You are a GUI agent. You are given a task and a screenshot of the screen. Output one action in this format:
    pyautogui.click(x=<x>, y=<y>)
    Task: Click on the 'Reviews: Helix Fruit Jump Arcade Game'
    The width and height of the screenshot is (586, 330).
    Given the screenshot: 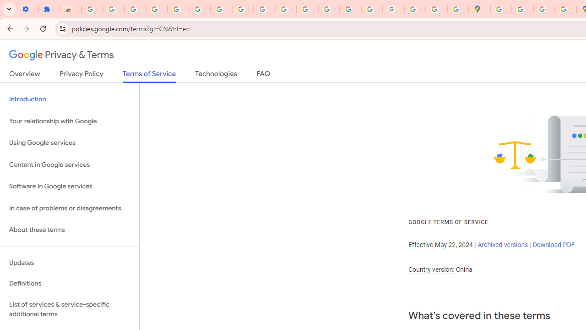 What is the action you would take?
    pyautogui.click(x=70, y=9)
    